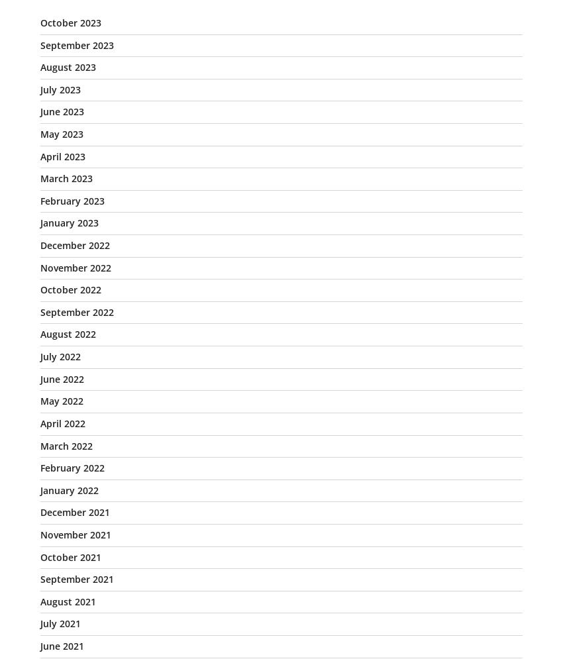 This screenshot has height=659, width=563. Describe the element at coordinates (60, 356) in the screenshot. I see `'July 2022'` at that location.